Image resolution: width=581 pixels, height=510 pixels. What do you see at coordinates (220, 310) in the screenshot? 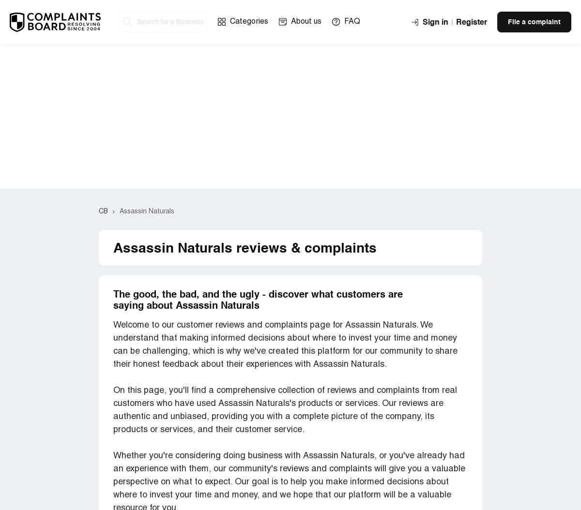
I see `'Last but not least, all our services are absolutely free'` at bounding box center [220, 310].